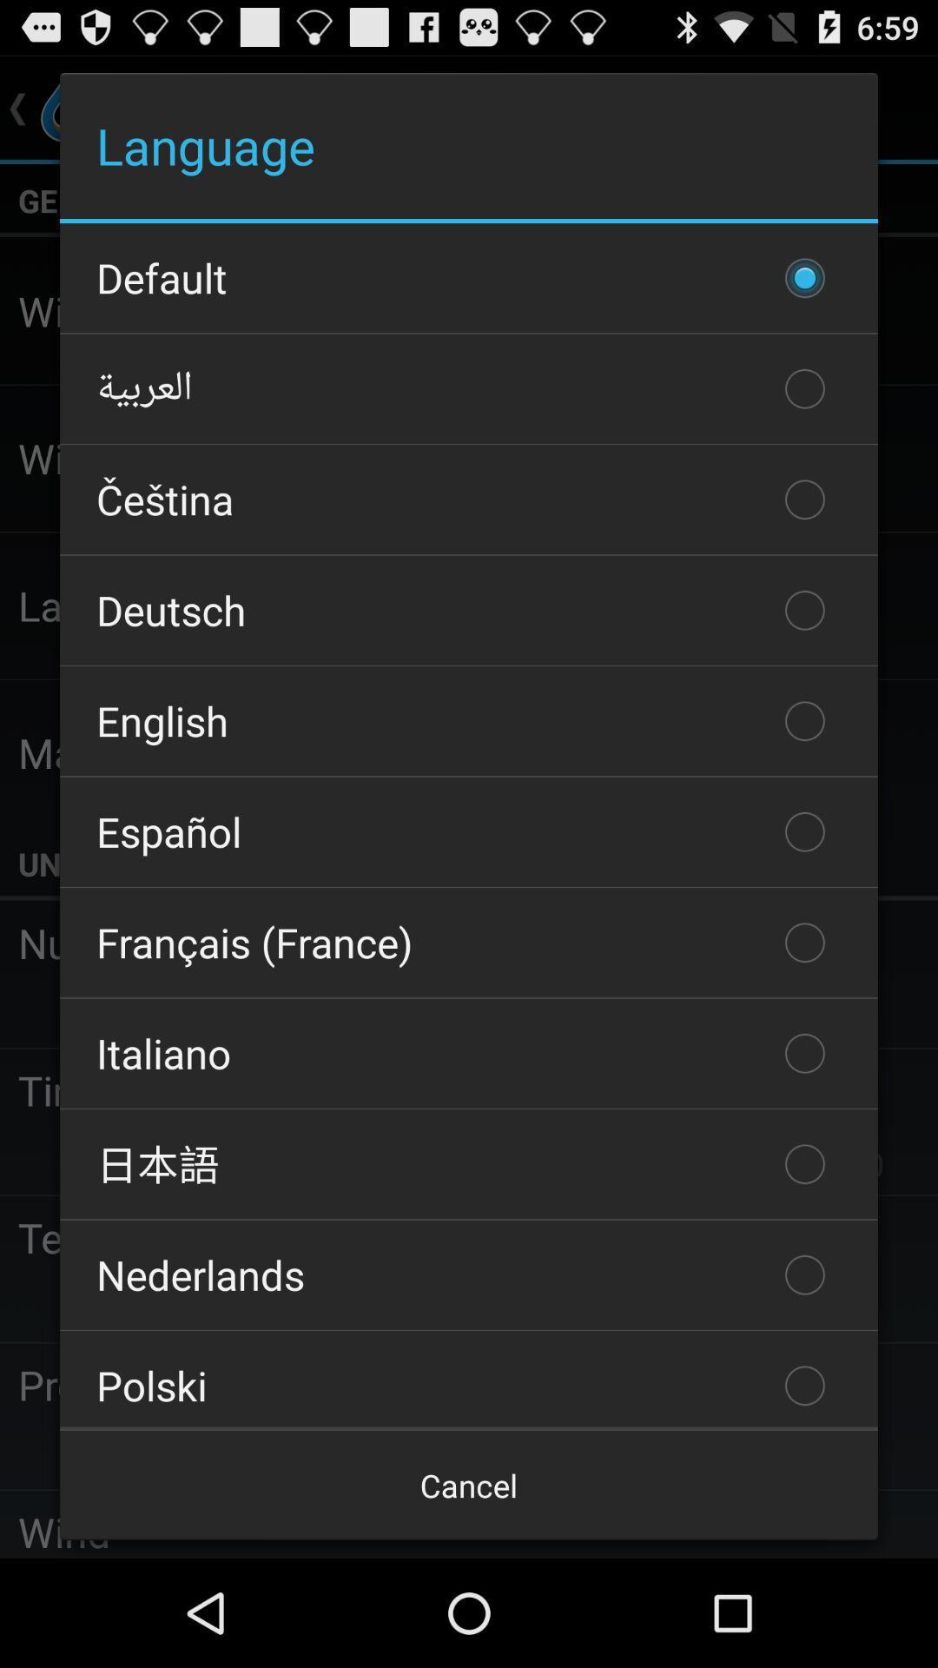 The height and width of the screenshot is (1668, 938). Describe the element at coordinates (469, 1484) in the screenshot. I see `icon below polski checkbox` at that location.